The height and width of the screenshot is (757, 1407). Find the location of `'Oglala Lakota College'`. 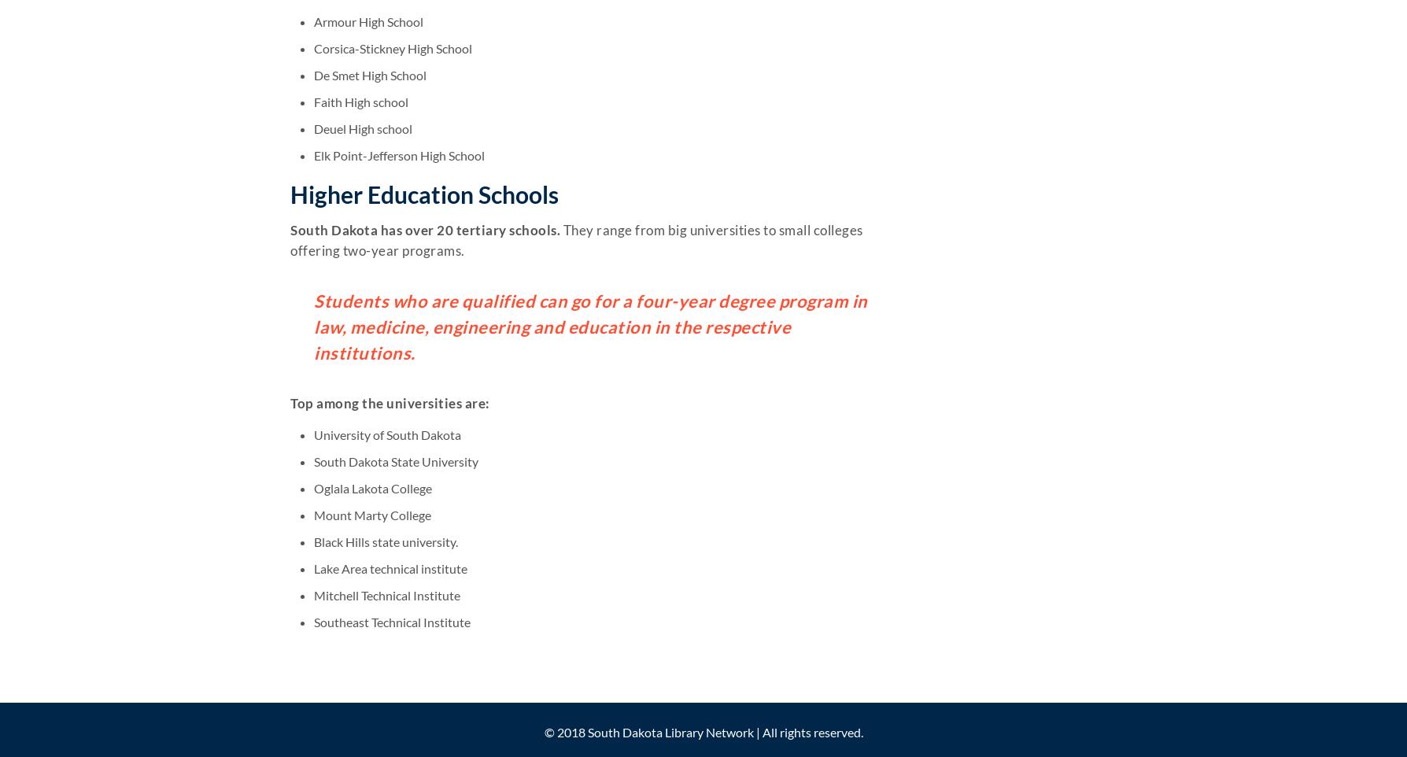

'Oglala Lakota College' is located at coordinates (372, 486).